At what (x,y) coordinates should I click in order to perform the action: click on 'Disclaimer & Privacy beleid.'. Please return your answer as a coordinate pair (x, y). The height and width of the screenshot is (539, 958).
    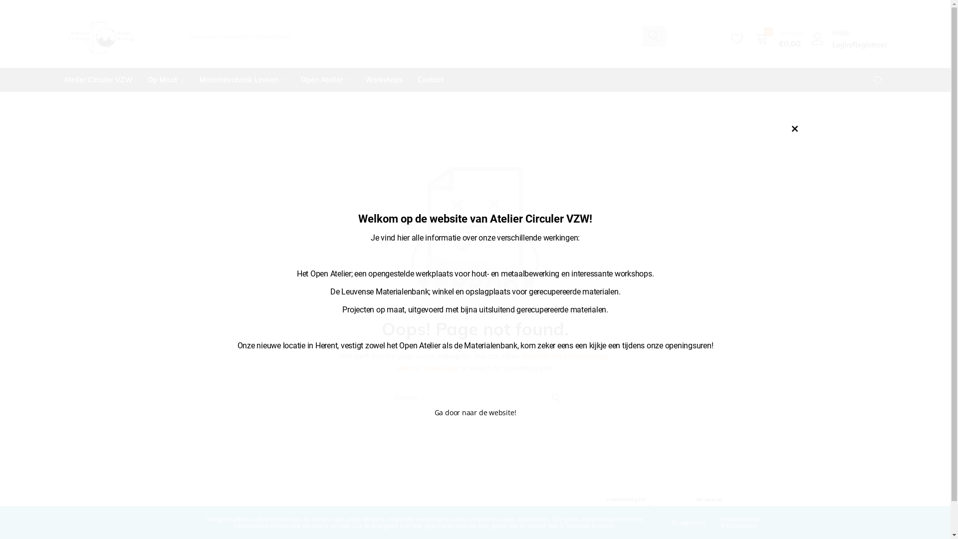
    Looking at the image, I should click on (227, 531).